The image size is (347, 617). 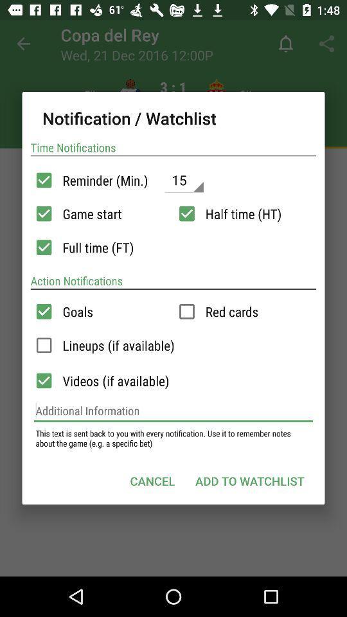 I want to click on game start, so click(x=43, y=213).